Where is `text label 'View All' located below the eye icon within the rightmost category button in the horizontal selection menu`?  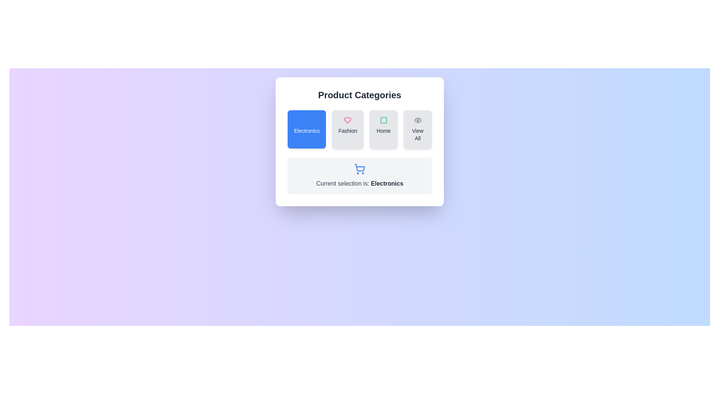 text label 'View All' located below the eye icon within the rightmost category button in the horizontal selection menu is located at coordinates (417, 134).